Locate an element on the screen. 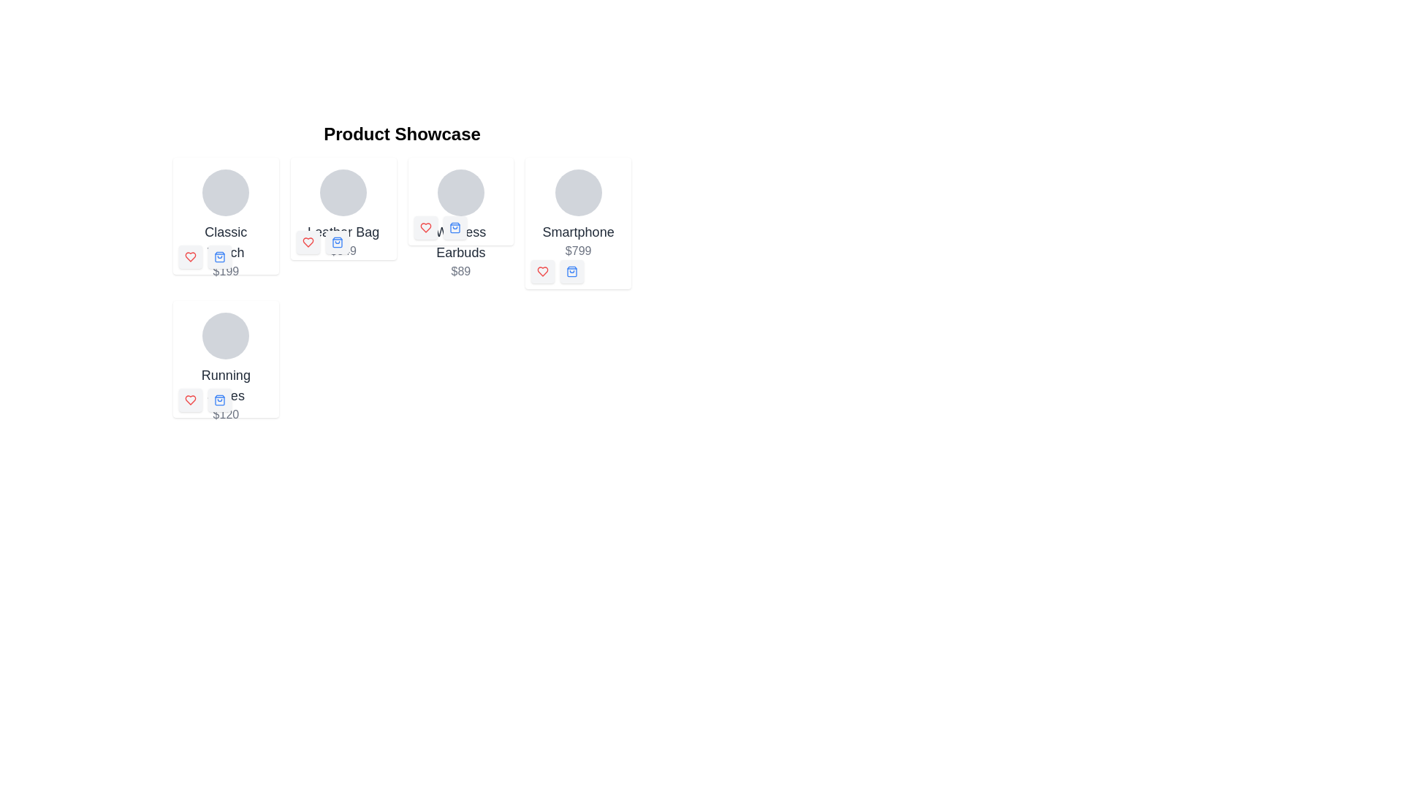  the product image by clicking on the 'Wireless Earbuds' product card, which is the third card in a horizontal product grid is located at coordinates (460, 225).